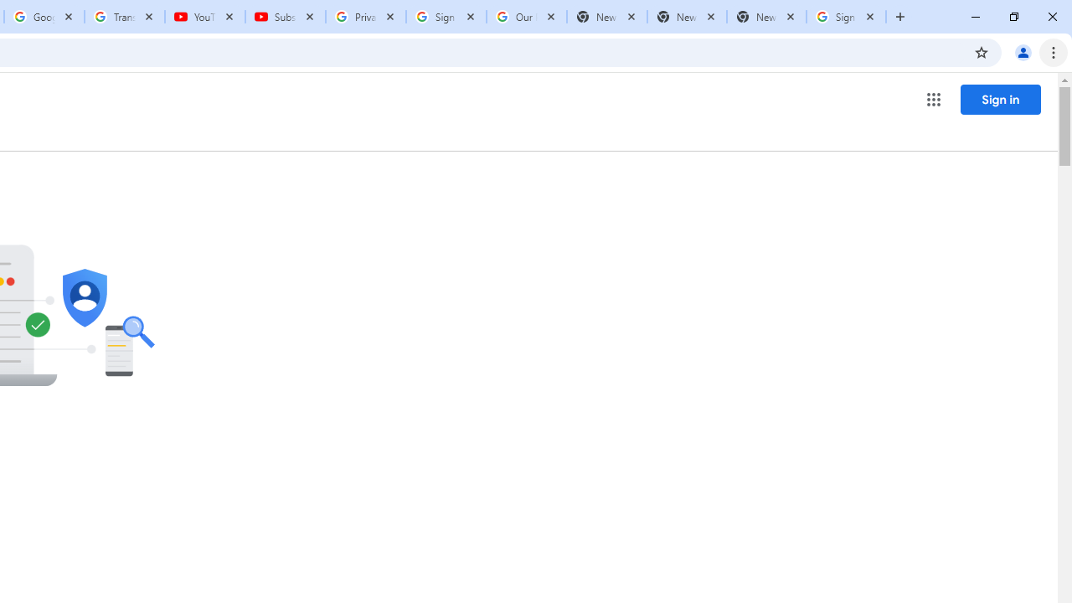  Describe the element at coordinates (765, 17) in the screenshot. I see `'New Tab'` at that location.